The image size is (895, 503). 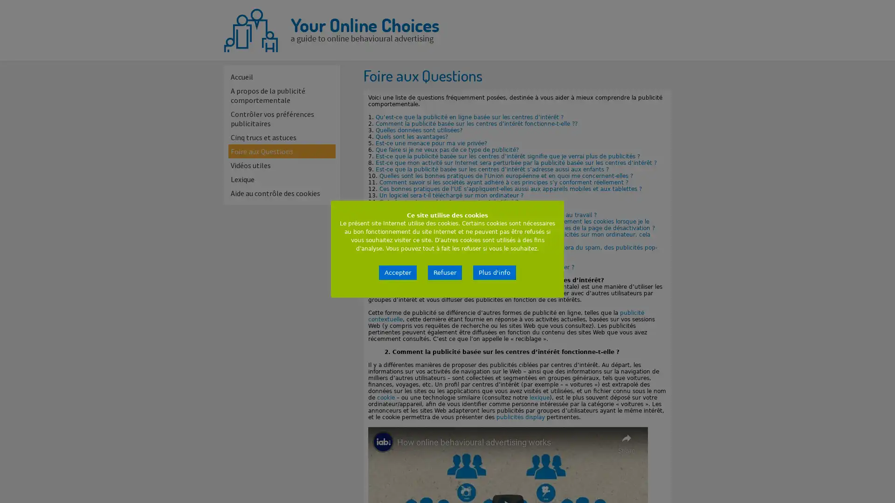 What do you see at coordinates (398, 272) in the screenshot?
I see `Accepter` at bounding box center [398, 272].